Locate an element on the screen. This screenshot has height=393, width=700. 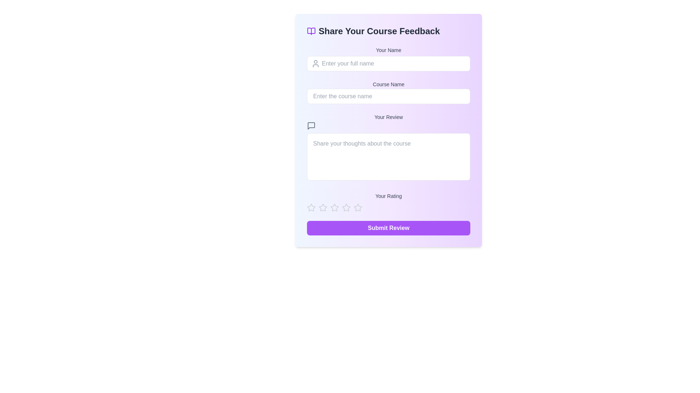
the star in the Rating Component located in the bottom section of the feedback form is located at coordinates (388, 207).